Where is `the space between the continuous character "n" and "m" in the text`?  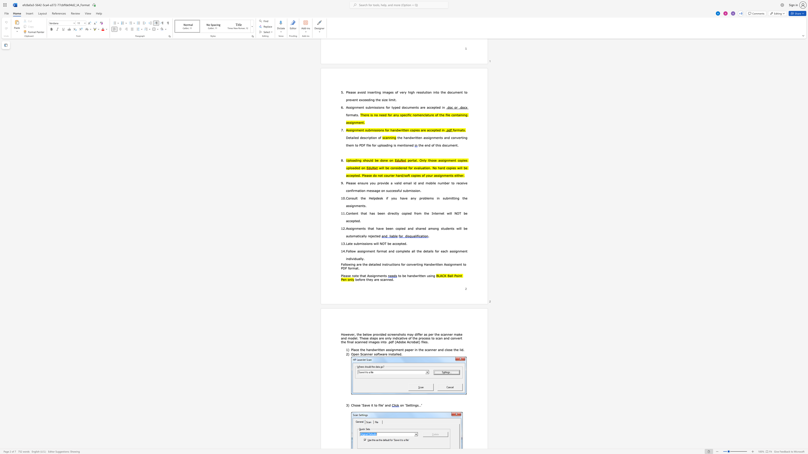
the space between the continuous character "n" and "m" in the text is located at coordinates (377, 275).